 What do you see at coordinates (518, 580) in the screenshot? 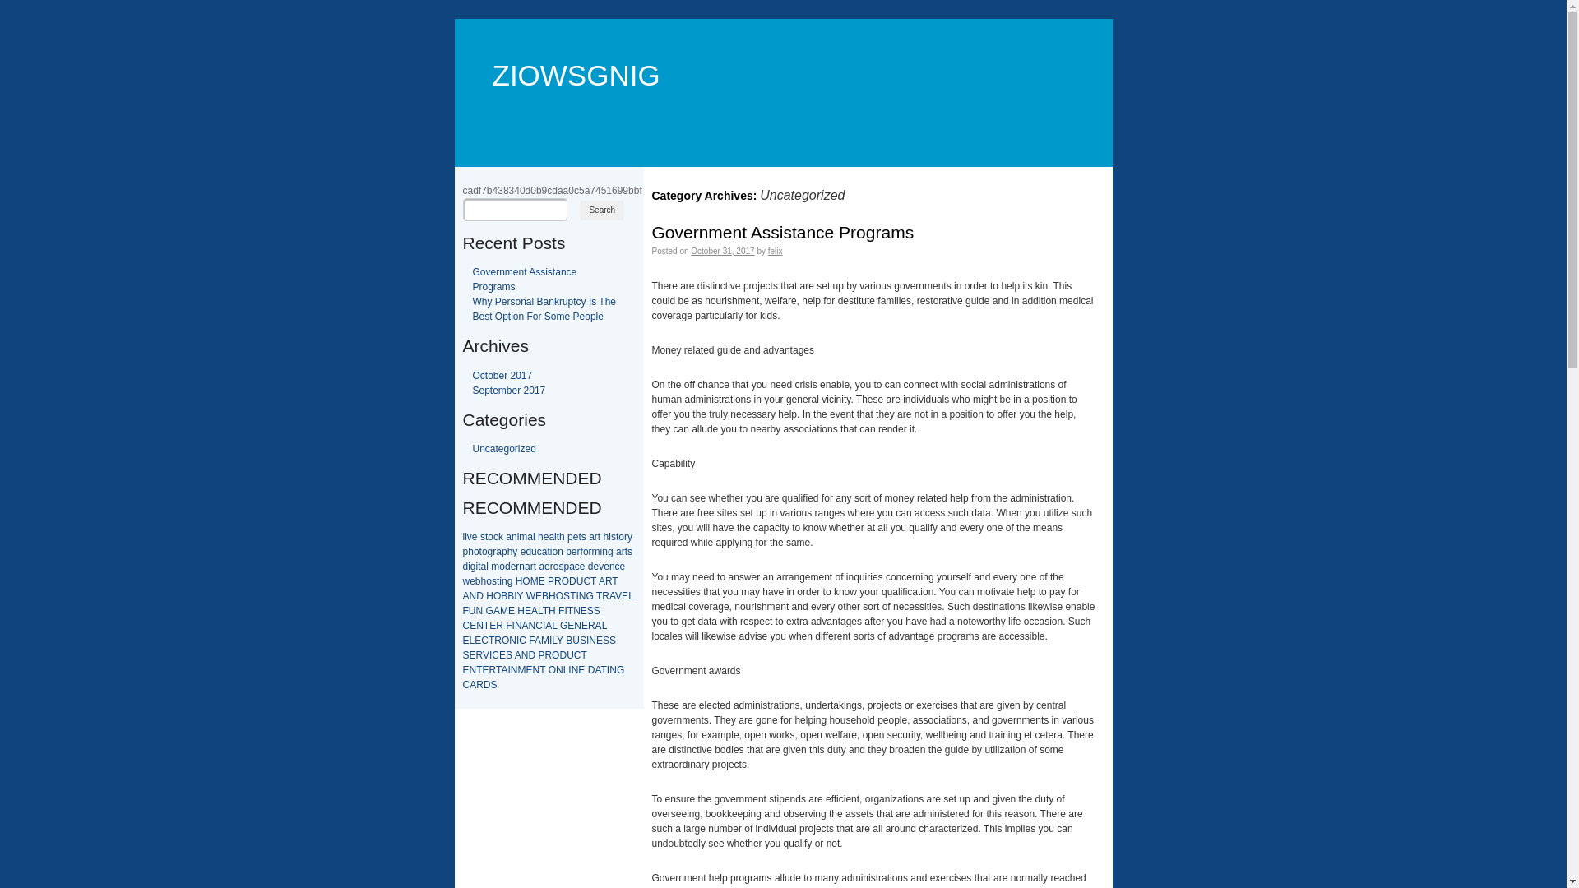
I see `'H'` at bounding box center [518, 580].